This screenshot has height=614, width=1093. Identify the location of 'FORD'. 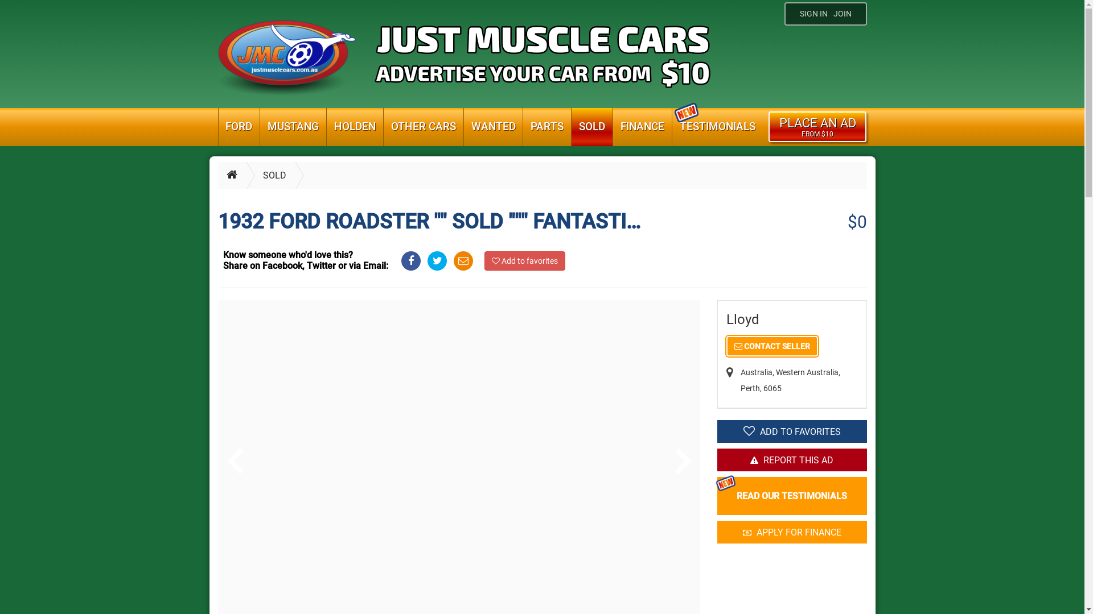
(219, 127).